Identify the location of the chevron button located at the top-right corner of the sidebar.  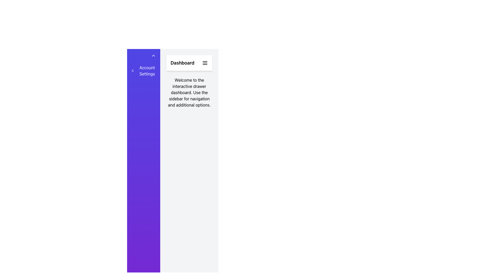
(153, 56).